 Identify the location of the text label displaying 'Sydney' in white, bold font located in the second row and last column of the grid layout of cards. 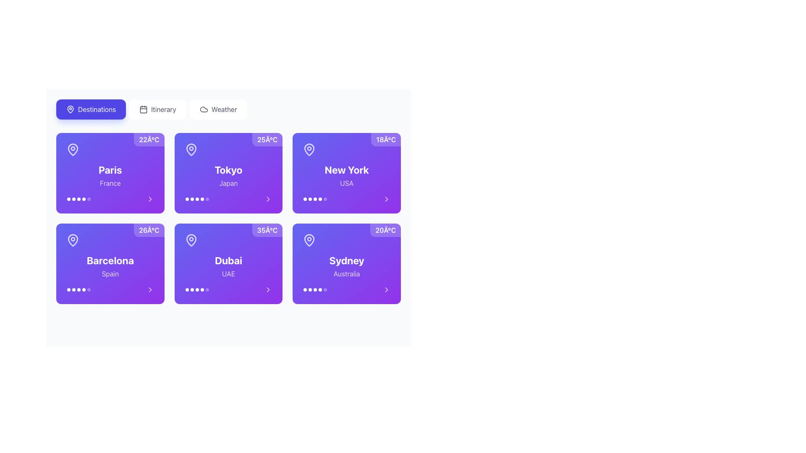
(347, 260).